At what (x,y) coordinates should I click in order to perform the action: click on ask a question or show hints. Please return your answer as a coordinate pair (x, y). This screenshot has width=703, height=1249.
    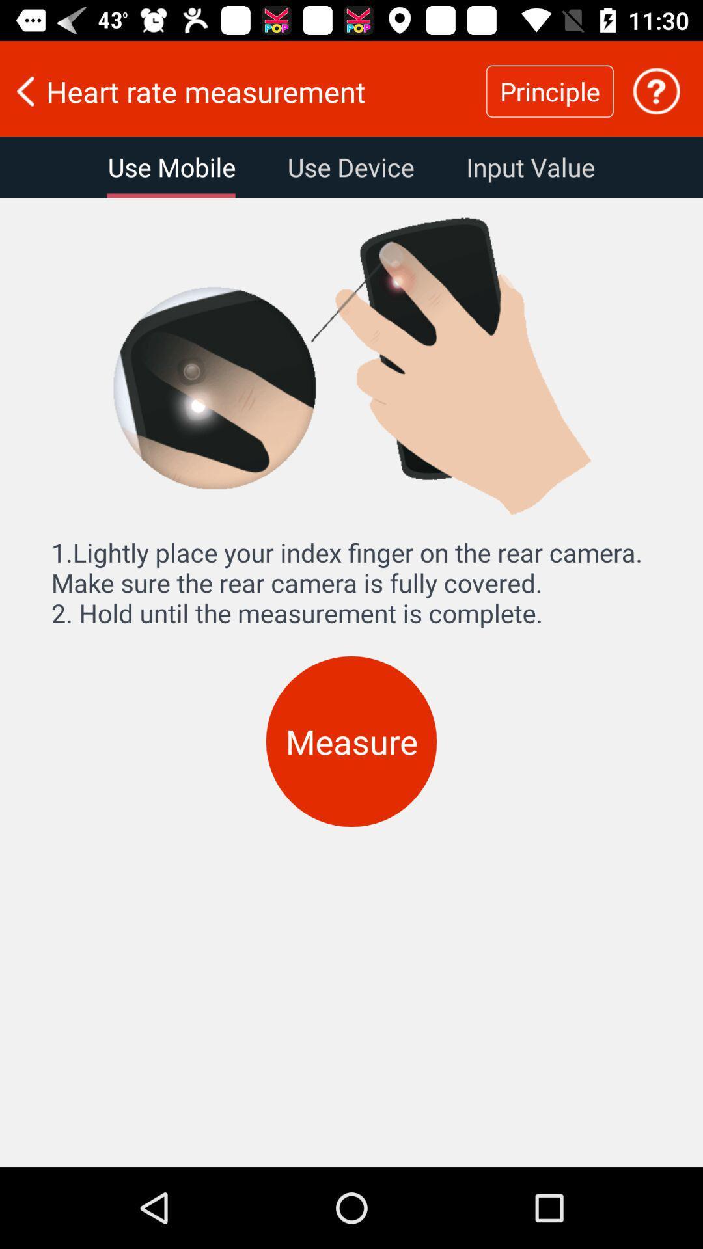
    Looking at the image, I should click on (656, 90).